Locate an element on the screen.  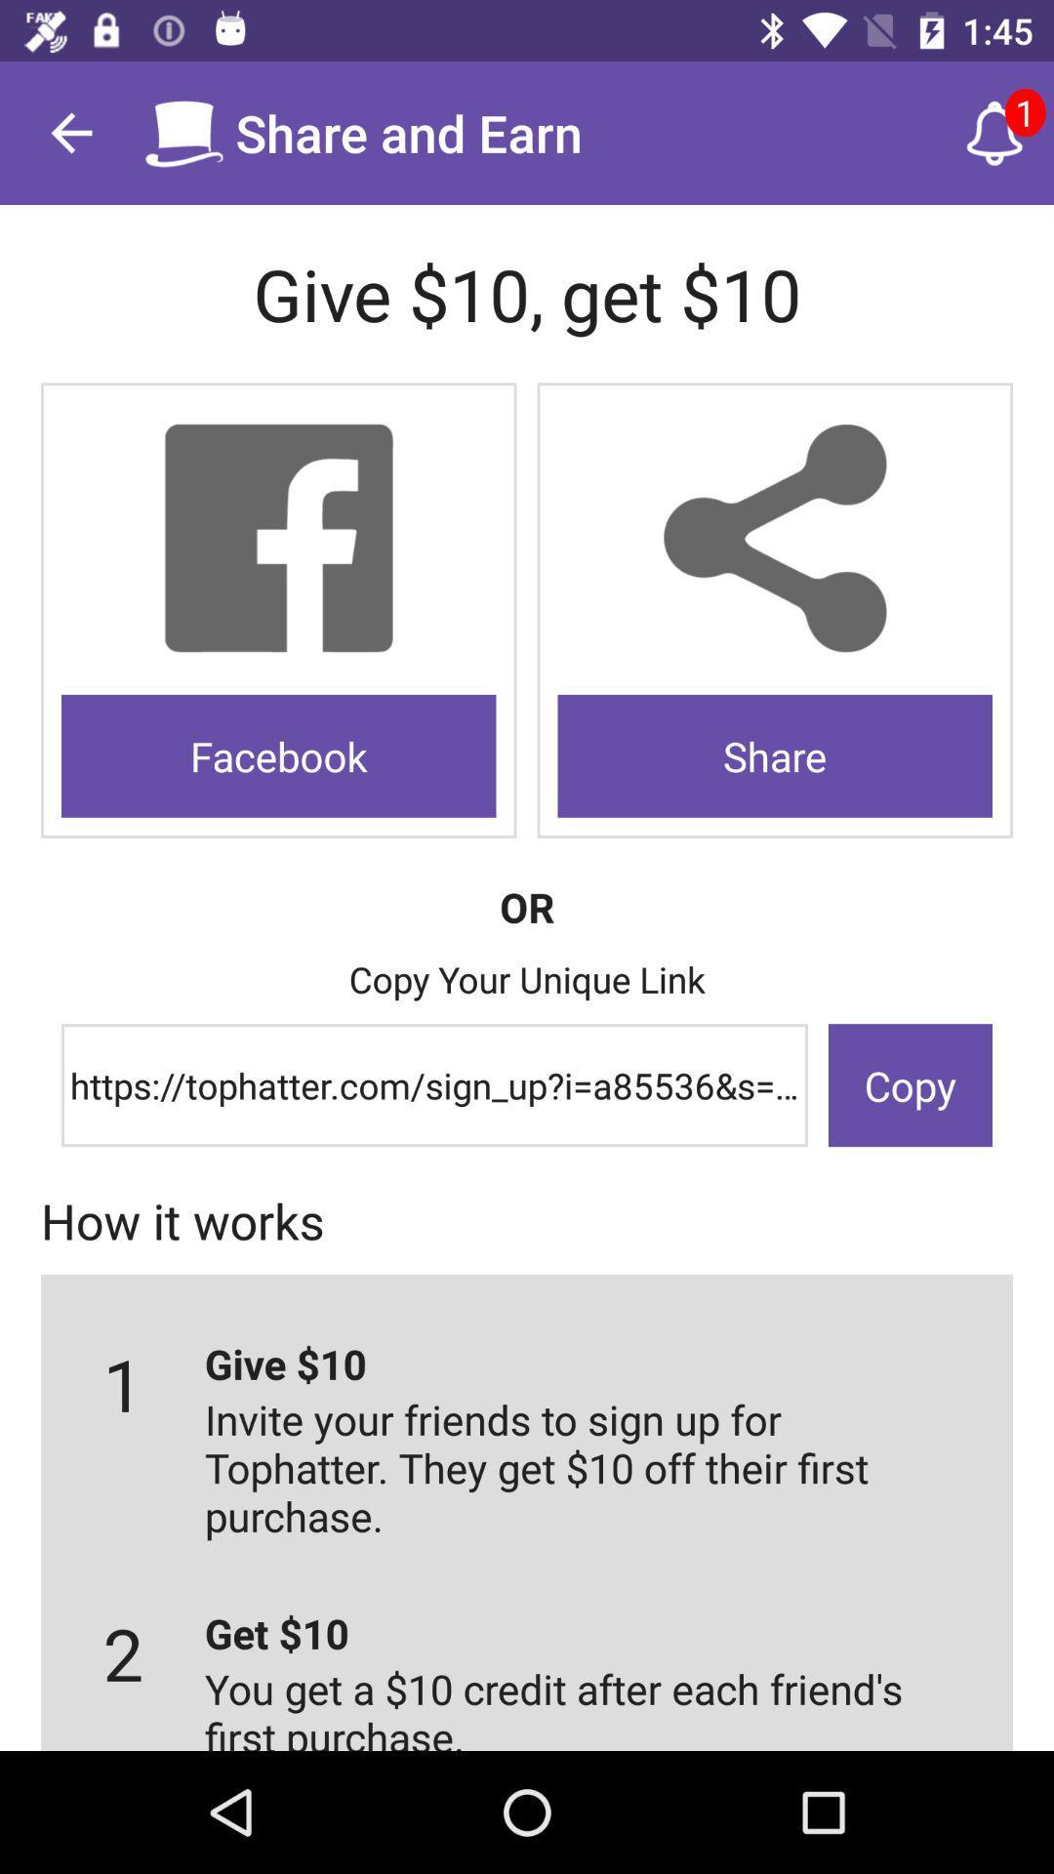
the facebook is located at coordinates (278, 754).